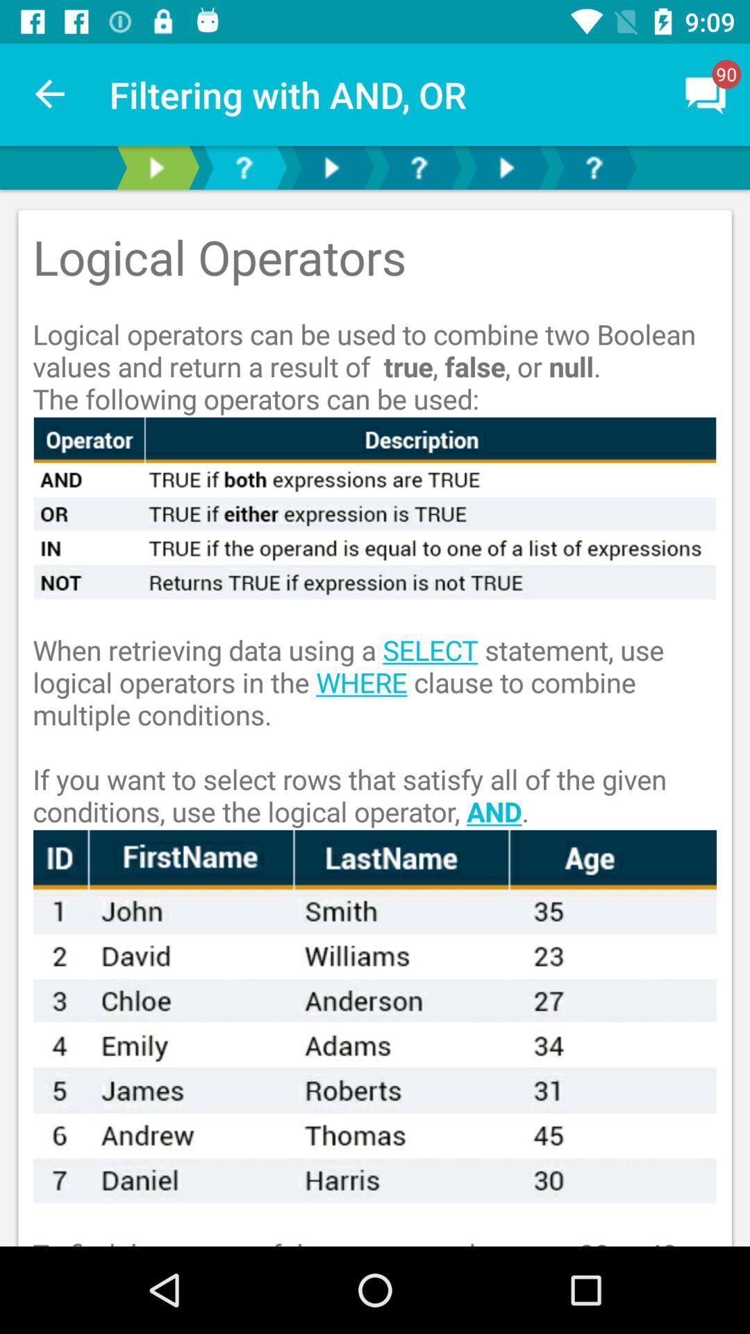 The image size is (750, 1334). I want to click on when retrieving data item, so click(375, 714).